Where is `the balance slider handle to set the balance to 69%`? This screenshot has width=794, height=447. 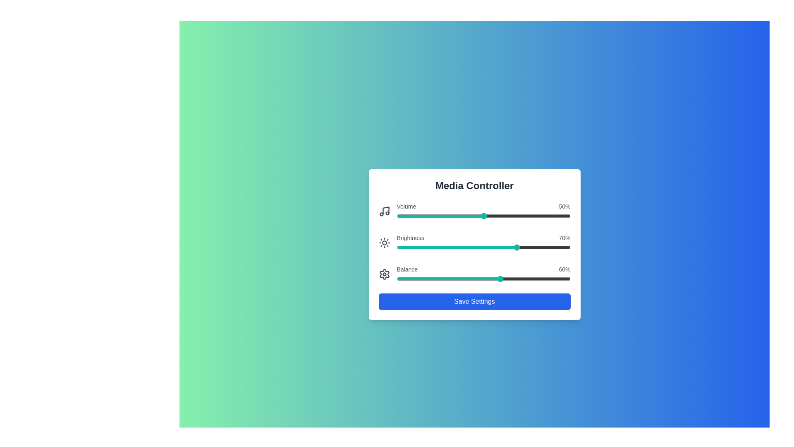 the balance slider handle to set the balance to 69% is located at coordinates (516, 279).